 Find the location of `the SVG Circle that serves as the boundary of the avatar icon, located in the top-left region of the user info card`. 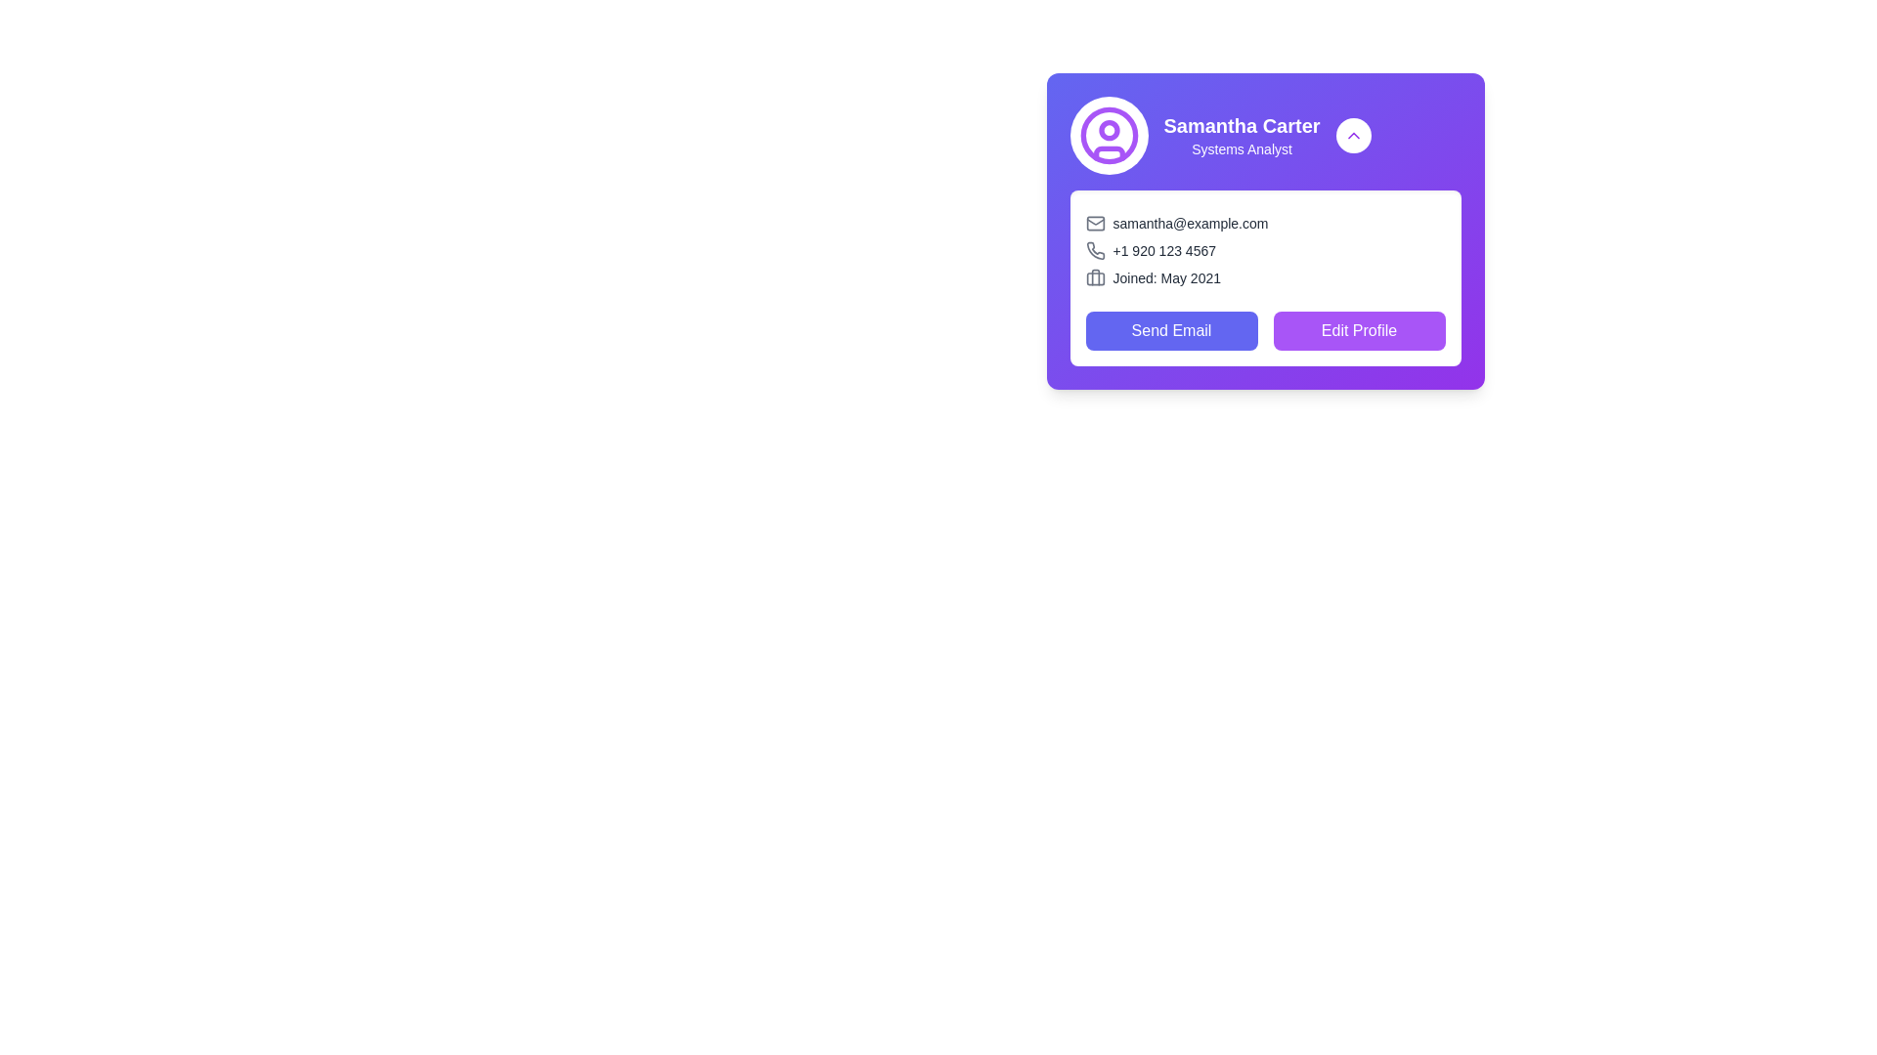

the SVG Circle that serves as the boundary of the avatar icon, located in the top-left region of the user info card is located at coordinates (1109, 134).